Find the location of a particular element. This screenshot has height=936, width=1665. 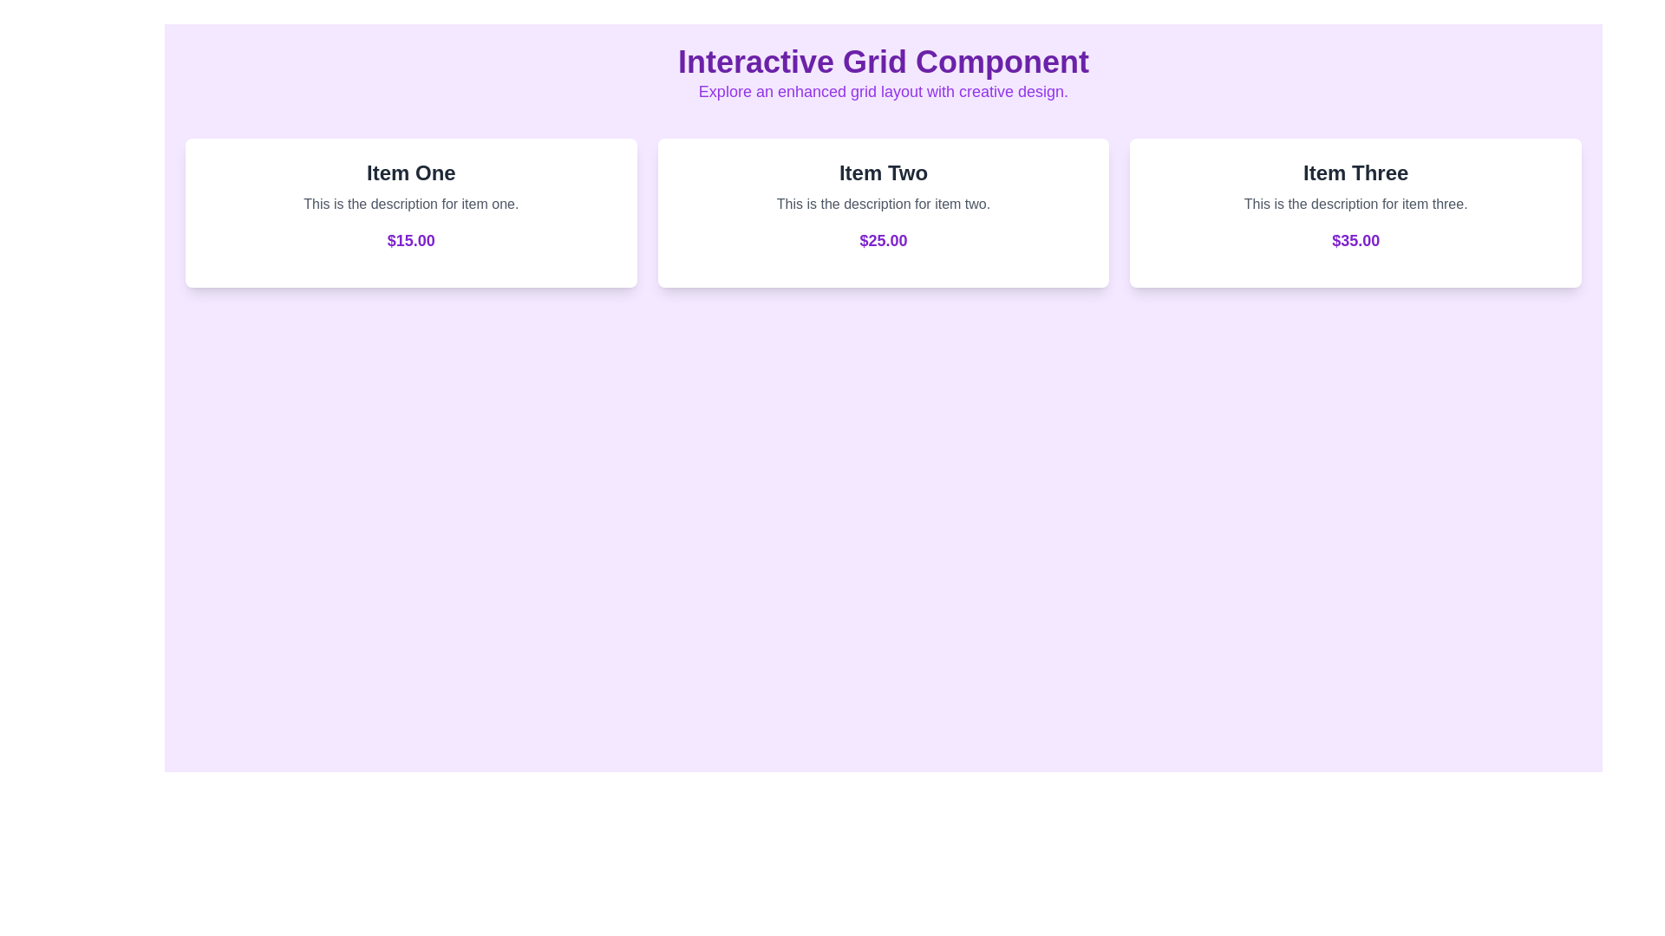

the text label that says 'Item One' which is styled with a bold, large font in black color and positioned at the top of a white card with rounded corners is located at coordinates (410, 173).